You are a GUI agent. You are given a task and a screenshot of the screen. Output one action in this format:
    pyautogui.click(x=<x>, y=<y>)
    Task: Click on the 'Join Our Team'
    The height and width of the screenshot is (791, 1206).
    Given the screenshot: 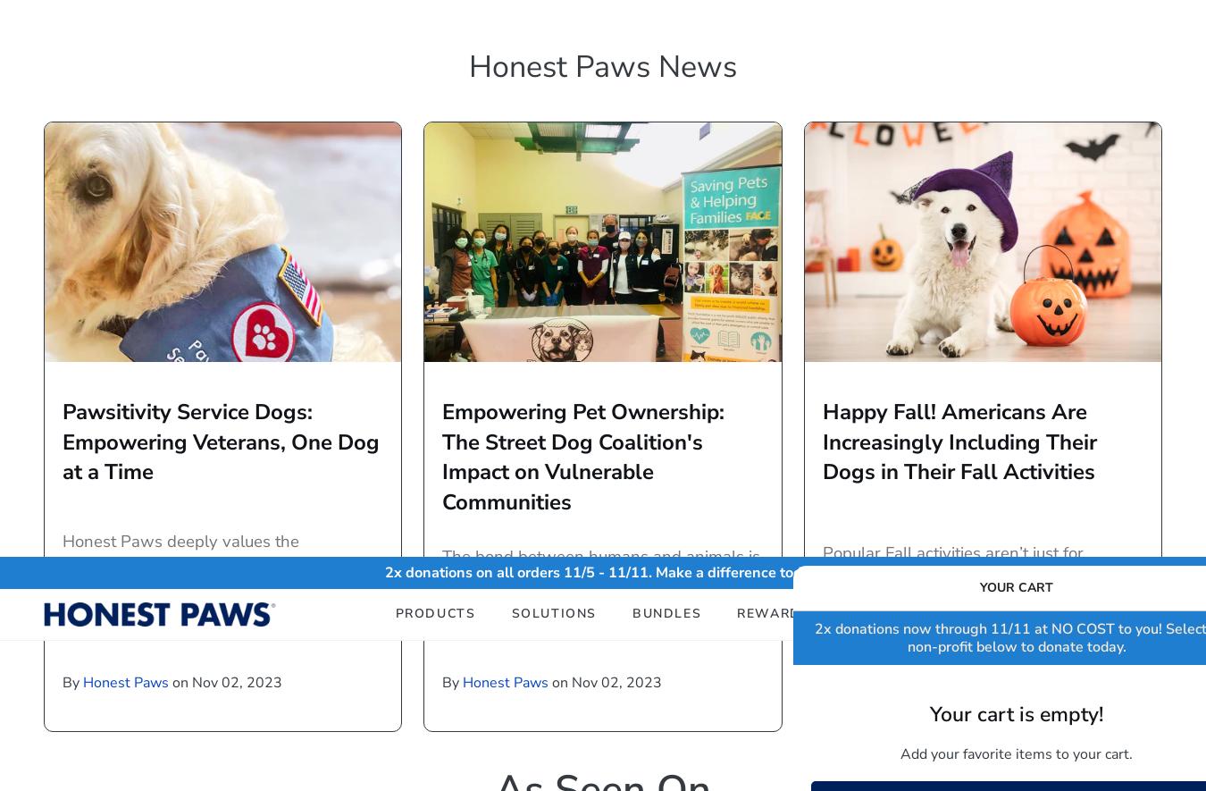 What is the action you would take?
    pyautogui.click(x=909, y=579)
    